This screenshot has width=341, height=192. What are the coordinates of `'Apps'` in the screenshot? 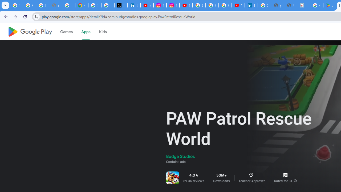 It's located at (86, 32).